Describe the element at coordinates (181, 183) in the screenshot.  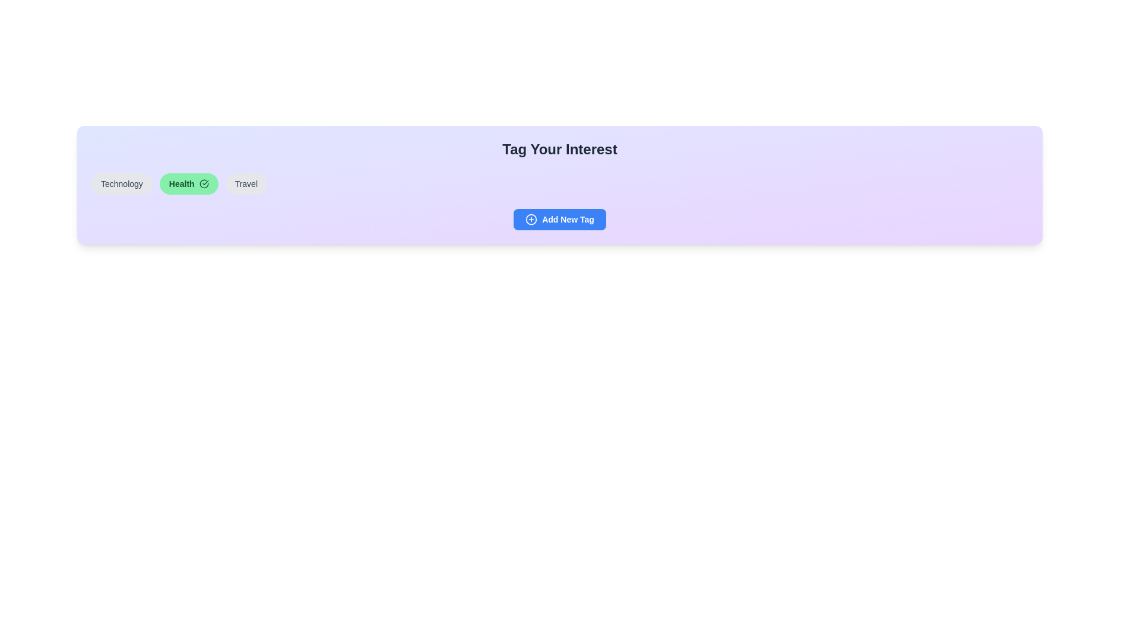
I see `displayed text of the 'Health' label, which is a bold, green text tag located between 'Technology' and 'Travel' tags` at that location.